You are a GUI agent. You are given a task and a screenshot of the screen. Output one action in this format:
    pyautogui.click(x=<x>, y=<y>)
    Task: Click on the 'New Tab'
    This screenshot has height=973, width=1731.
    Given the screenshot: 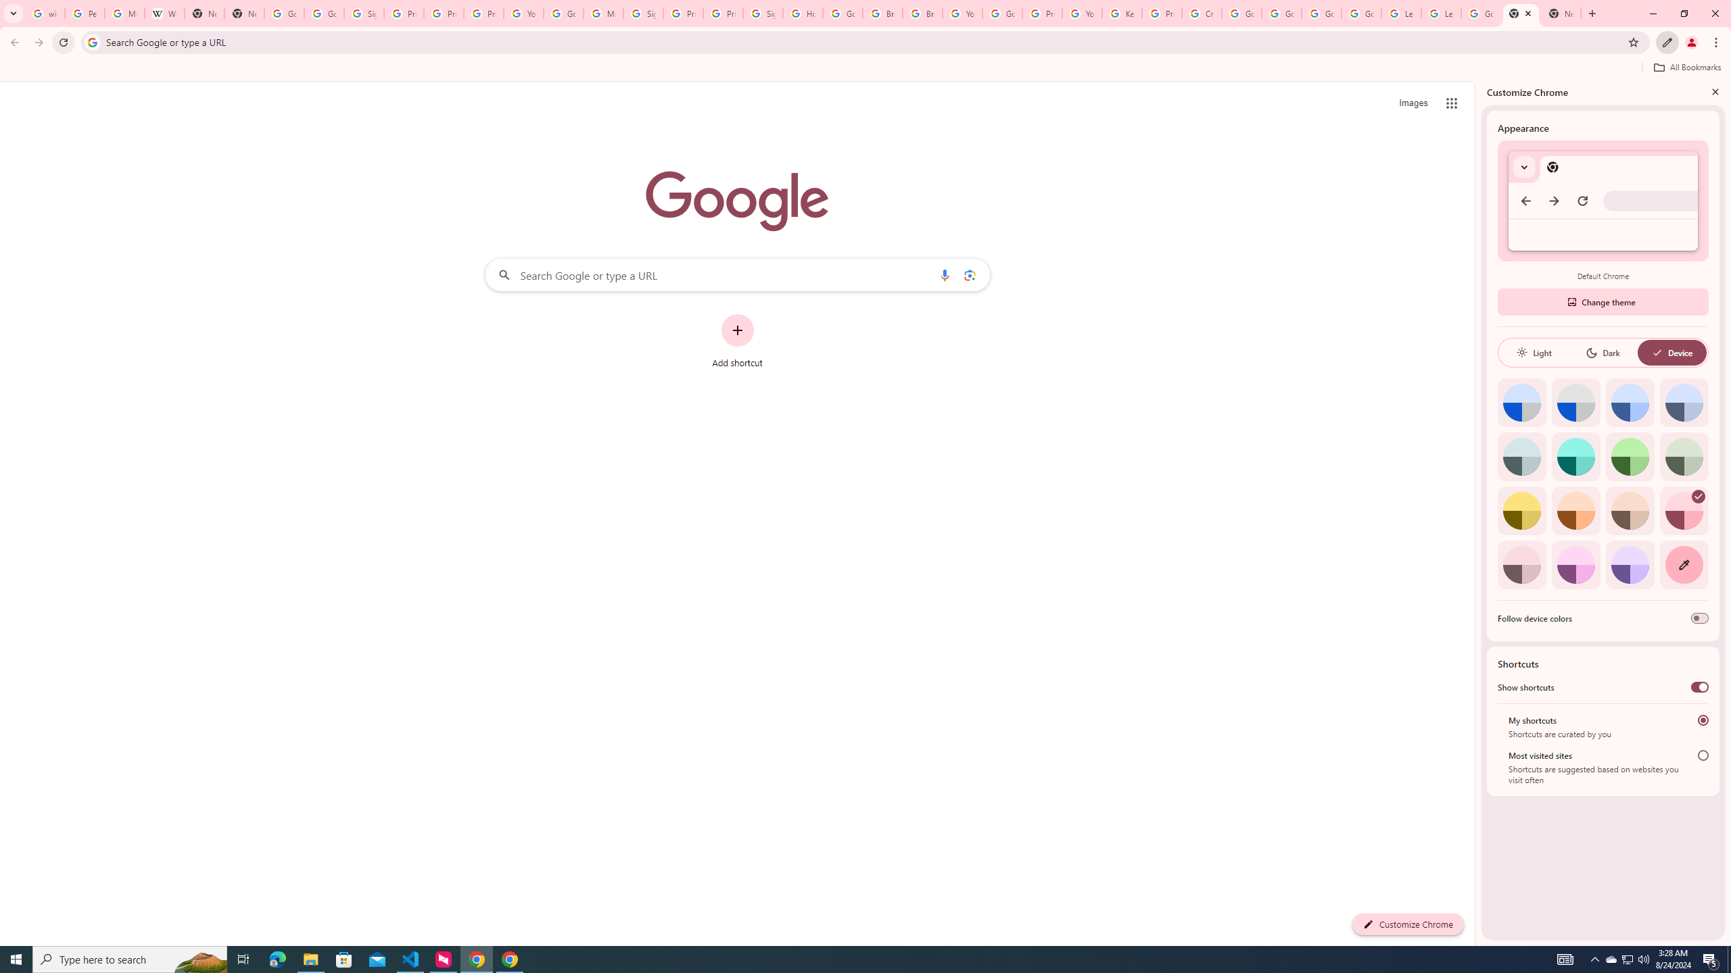 What is the action you would take?
    pyautogui.click(x=1561, y=13)
    